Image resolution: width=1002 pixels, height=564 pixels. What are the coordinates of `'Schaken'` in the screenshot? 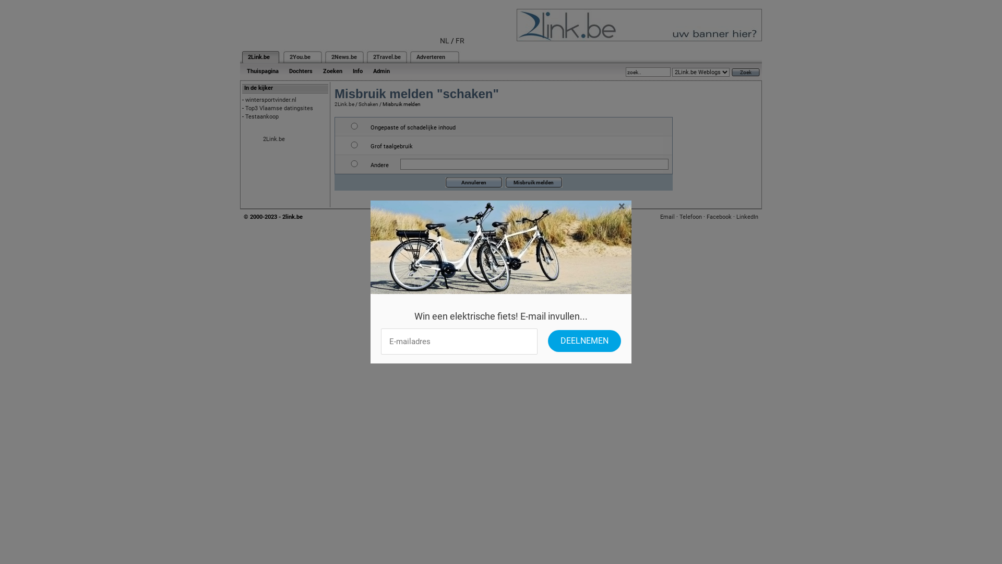 It's located at (368, 104).